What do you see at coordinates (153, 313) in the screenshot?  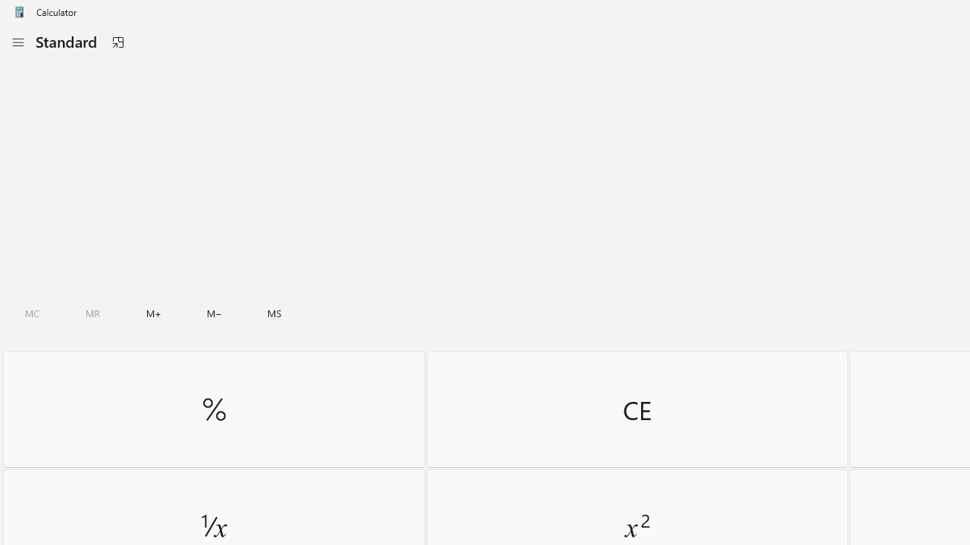 I see `'Memory add'` at bounding box center [153, 313].